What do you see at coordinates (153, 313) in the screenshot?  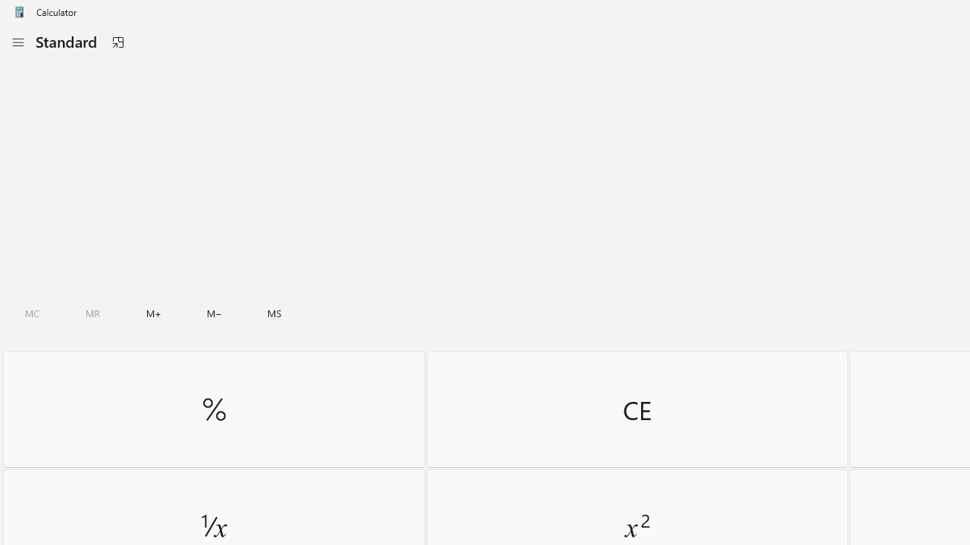 I see `'Memory add'` at bounding box center [153, 313].